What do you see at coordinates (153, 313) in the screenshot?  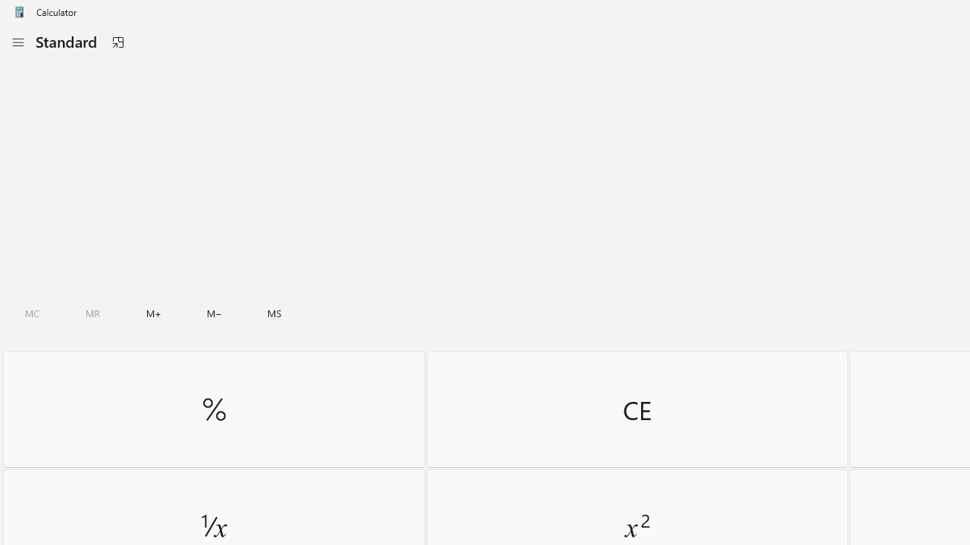 I see `'Memory add'` at bounding box center [153, 313].